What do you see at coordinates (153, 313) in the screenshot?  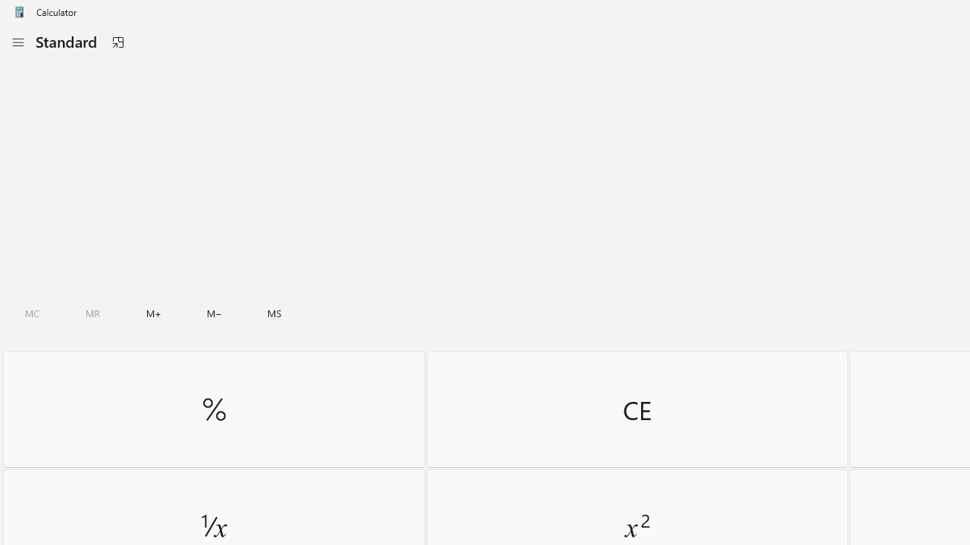 I see `'Memory add'` at bounding box center [153, 313].